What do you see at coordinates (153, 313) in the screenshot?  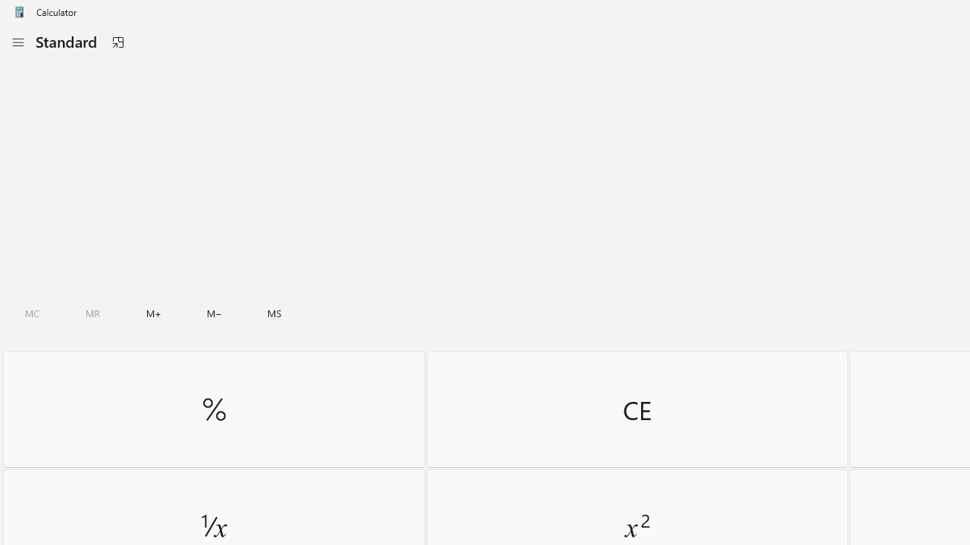 I see `'Memory add'` at bounding box center [153, 313].